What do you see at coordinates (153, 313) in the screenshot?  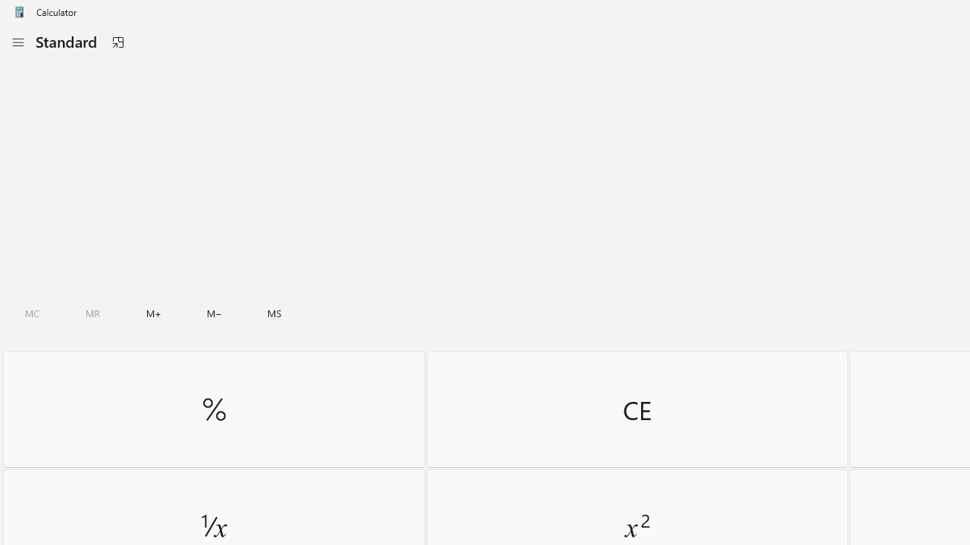 I see `'Memory add'` at bounding box center [153, 313].